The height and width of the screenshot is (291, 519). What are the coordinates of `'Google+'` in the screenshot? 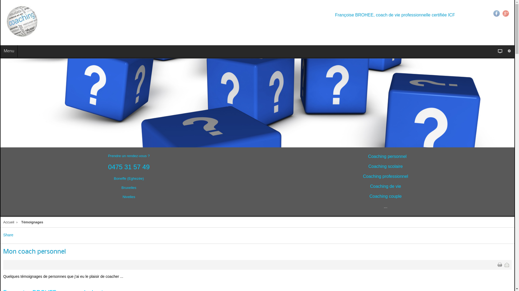 It's located at (505, 13).